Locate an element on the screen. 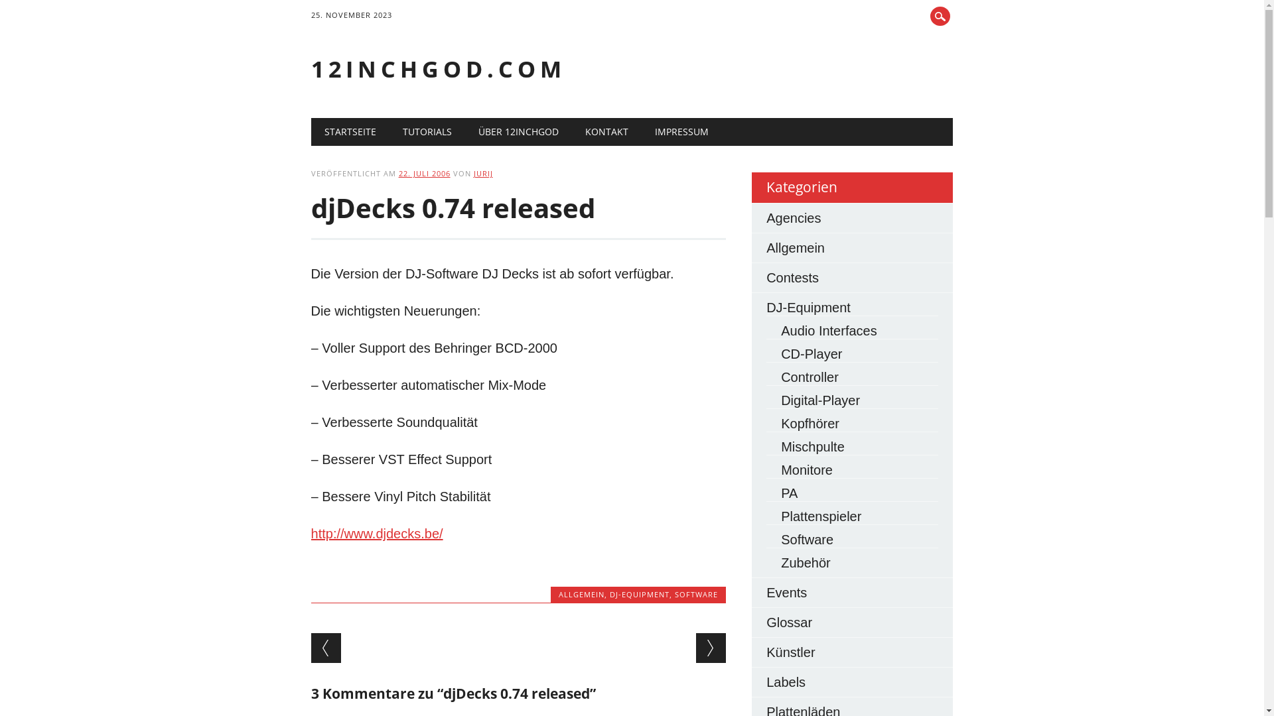  'Controller' is located at coordinates (809, 377).